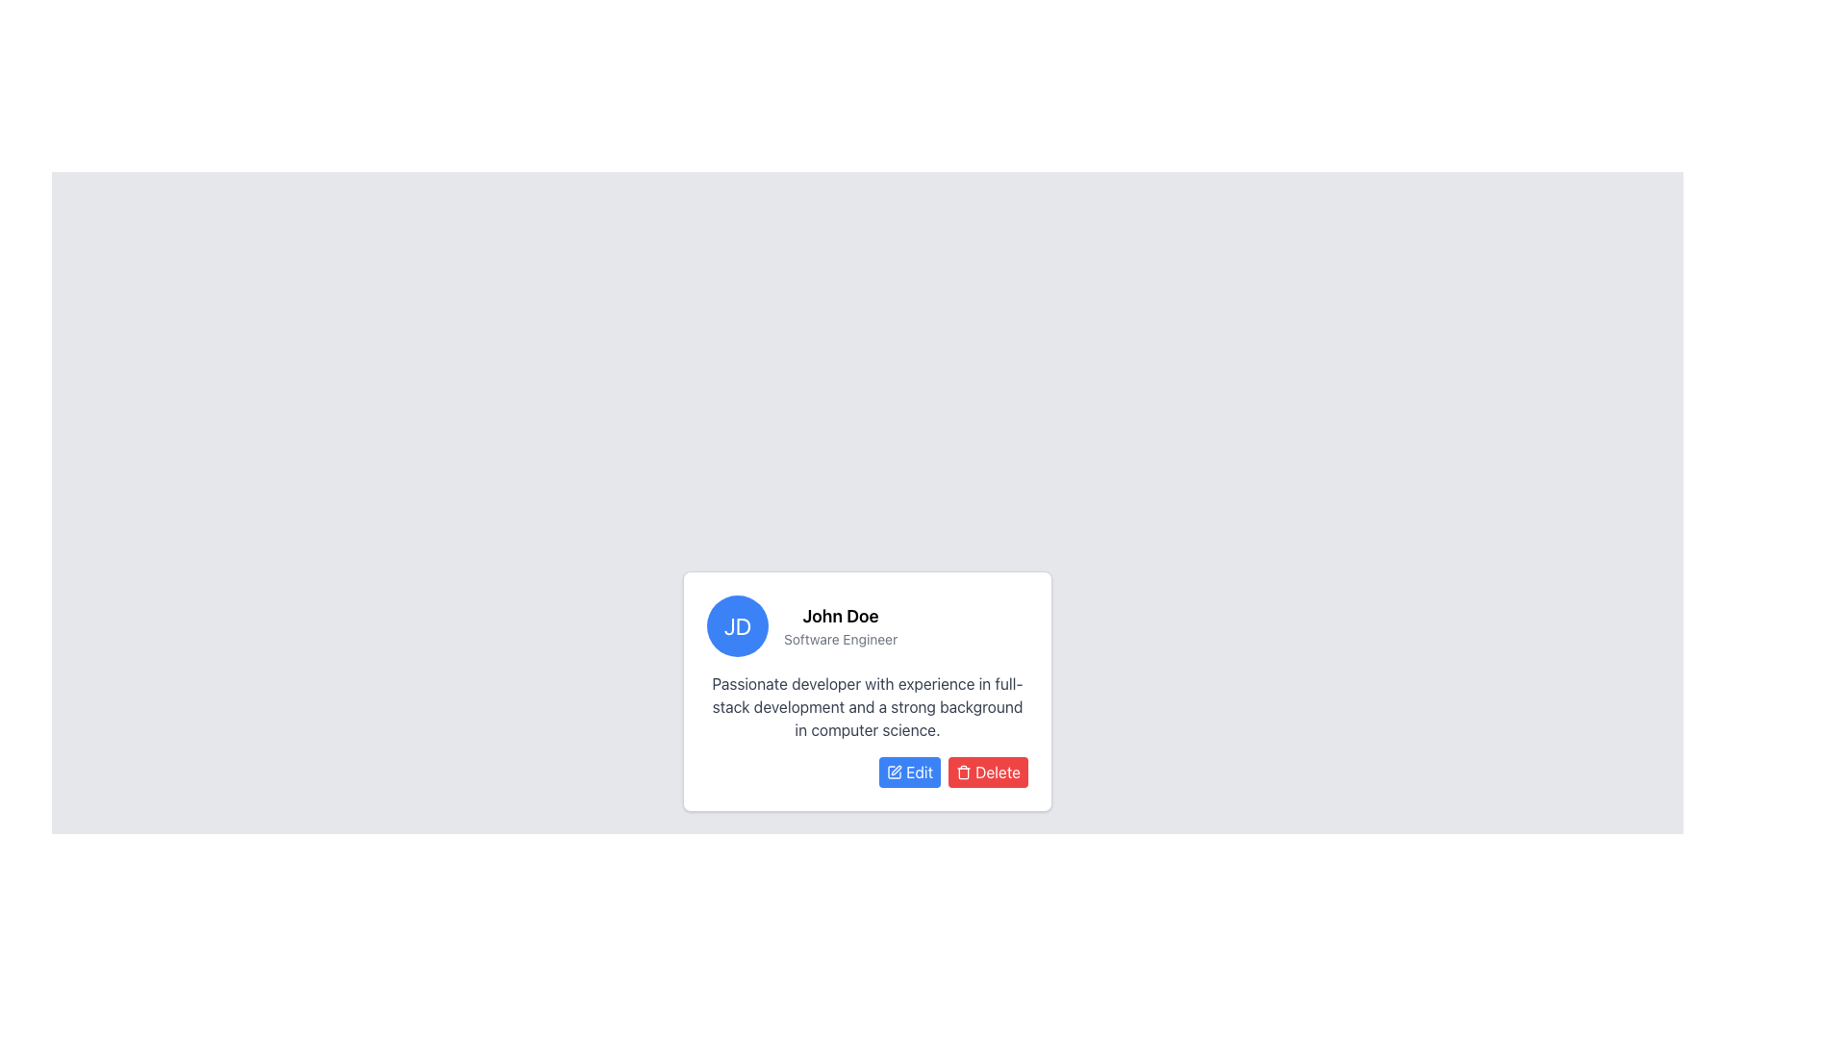  I want to click on the blue 'Edit' button with white text and an edit icon on its left, located in the bottom row of the card, so click(909, 771).